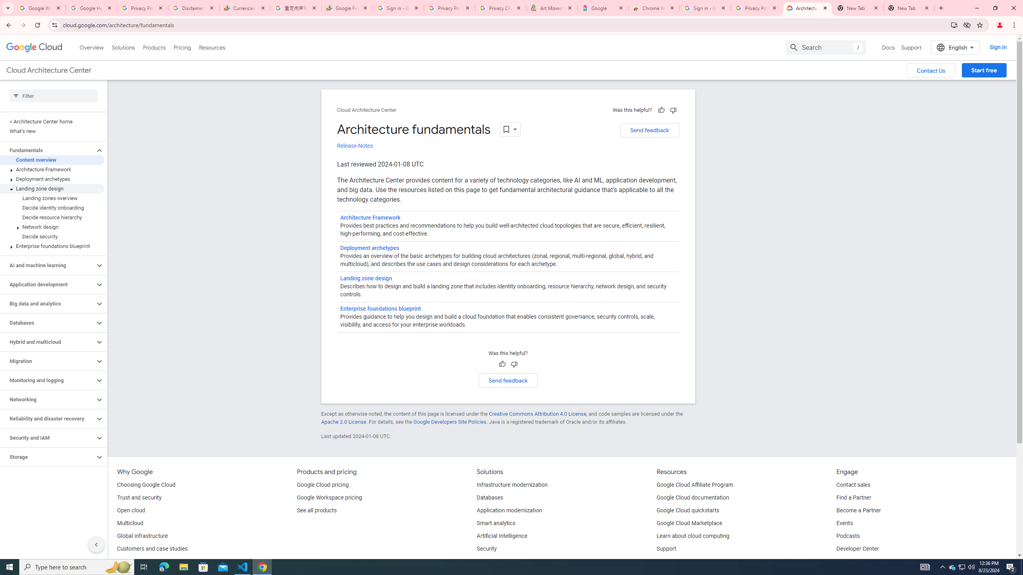 Image resolution: width=1023 pixels, height=575 pixels. Describe the element at coordinates (96, 544) in the screenshot. I see `'Hide side navigation'` at that location.